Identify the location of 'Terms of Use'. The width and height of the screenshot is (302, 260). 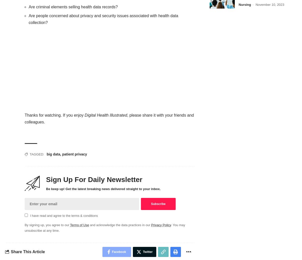
(79, 225).